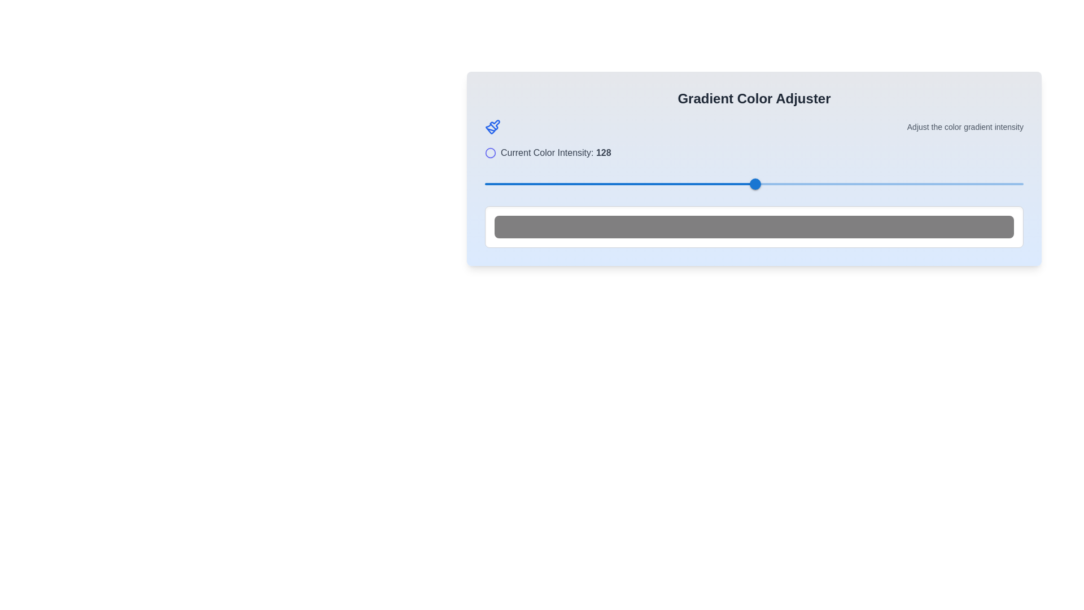 Image resolution: width=1084 pixels, height=610 pixels. What do you see at coordinates (473, 184) in the screenshot?
I see `the gradient color intensity` at bounding box center [473, 184].